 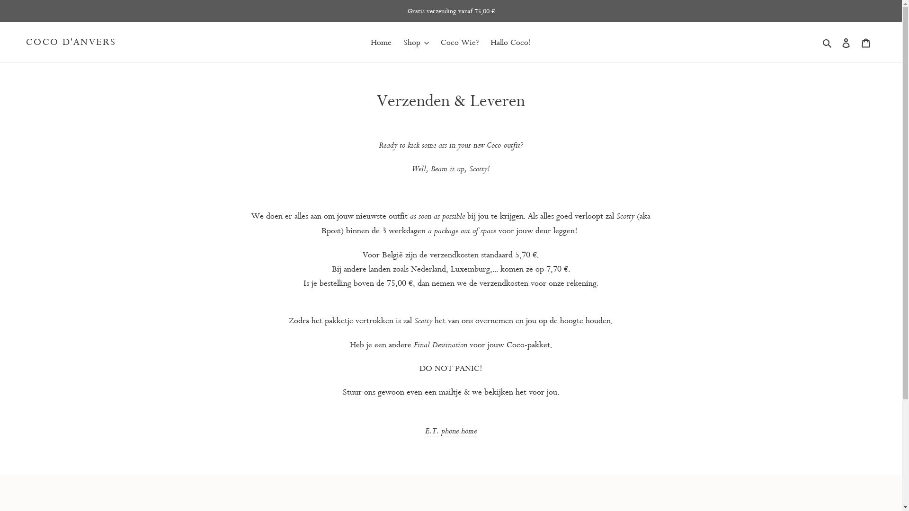 I want to click on 'E.T. phone home', so click(x=450, y=431).